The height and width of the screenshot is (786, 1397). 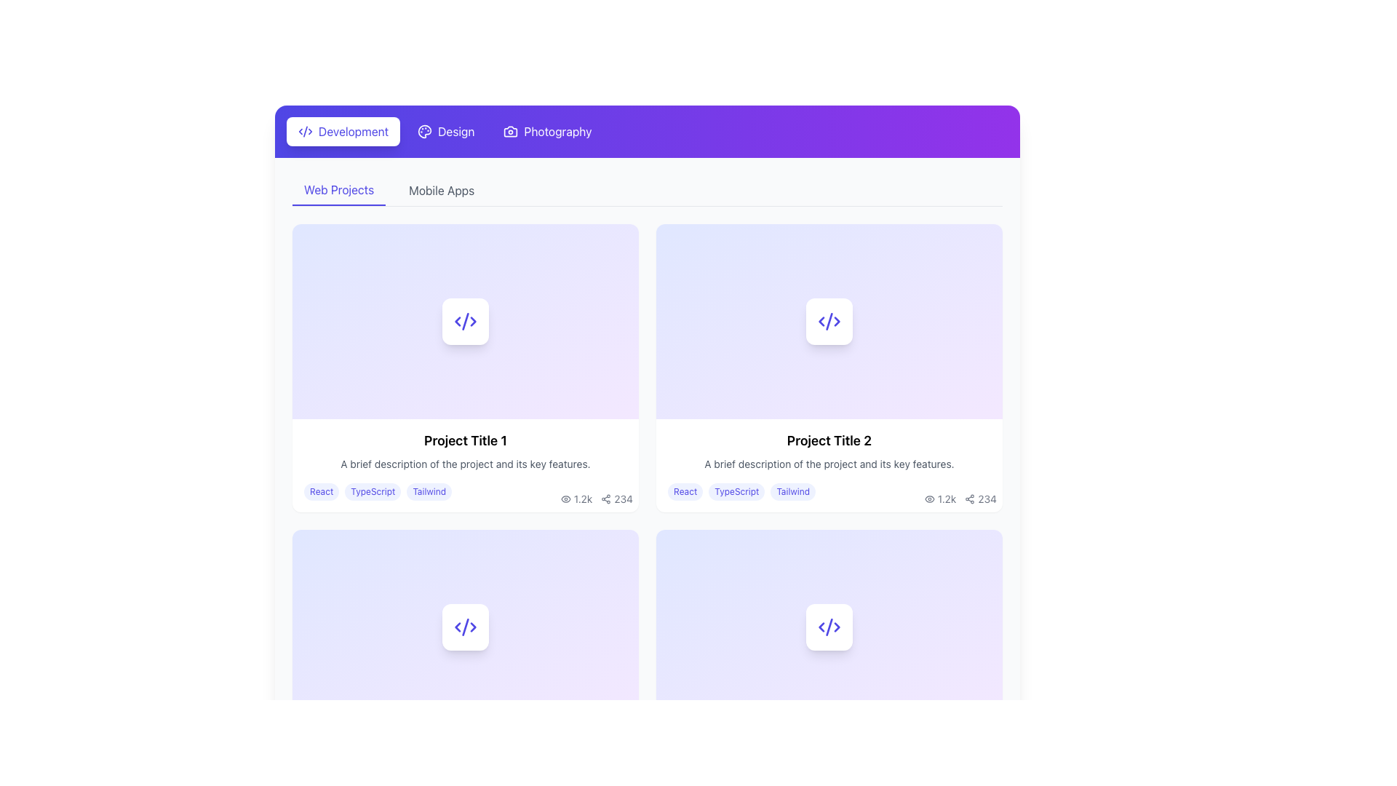 I want to click on the indigo coding symbol icon with two arrows and a diagonal stroke, located in the center of the card labeled 'Project Title 2', so click(x=829, y=319).